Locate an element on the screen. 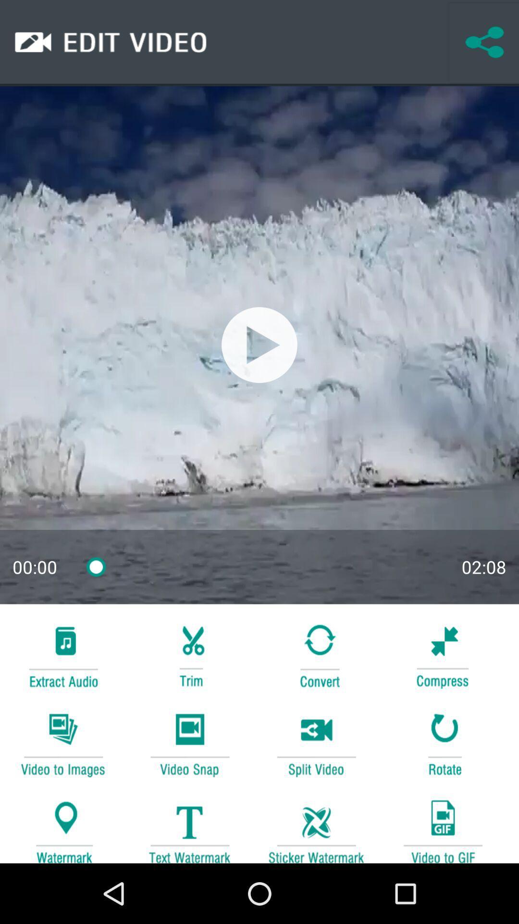  extract audio from video is located at coordinates (63, 654).